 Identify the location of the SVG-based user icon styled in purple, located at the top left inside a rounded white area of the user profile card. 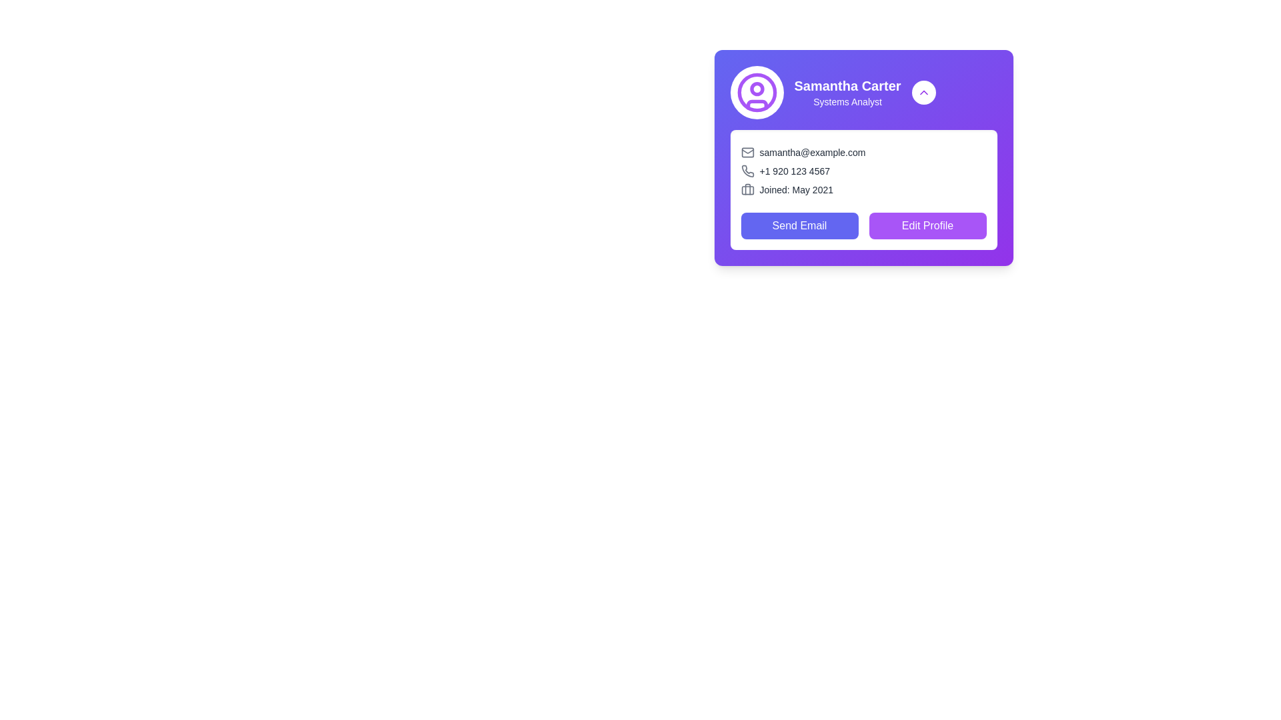
(757, 91).